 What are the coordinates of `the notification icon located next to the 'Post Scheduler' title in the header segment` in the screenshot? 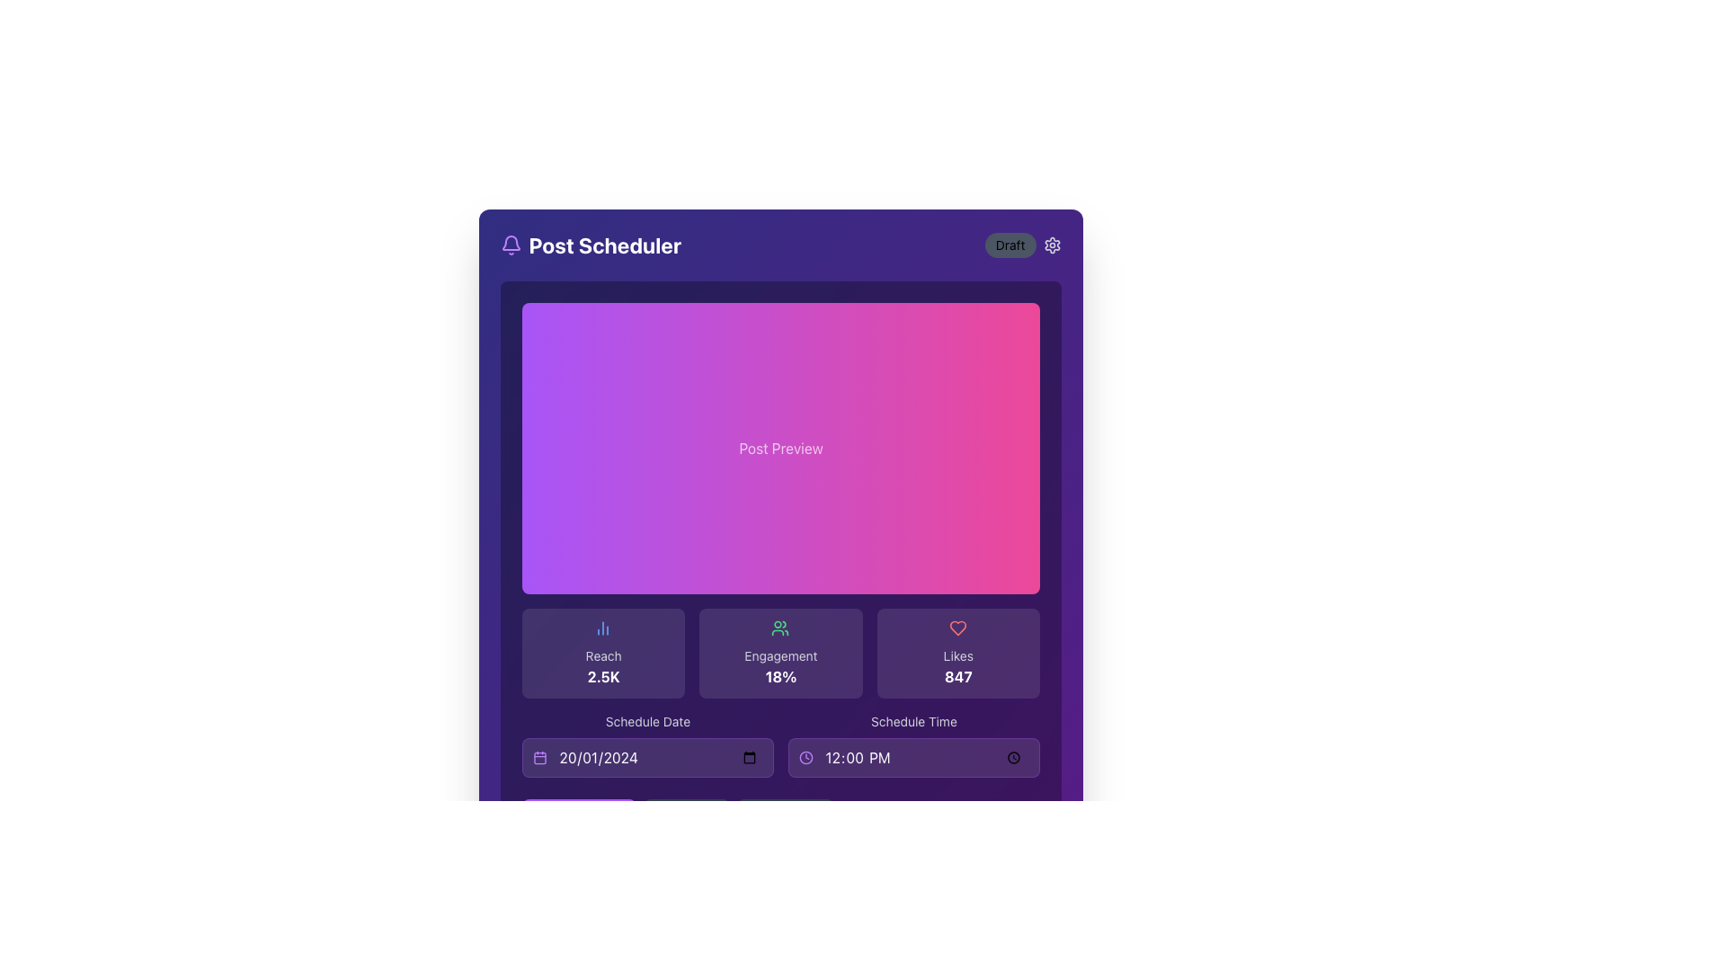 It's located at (510, 243).